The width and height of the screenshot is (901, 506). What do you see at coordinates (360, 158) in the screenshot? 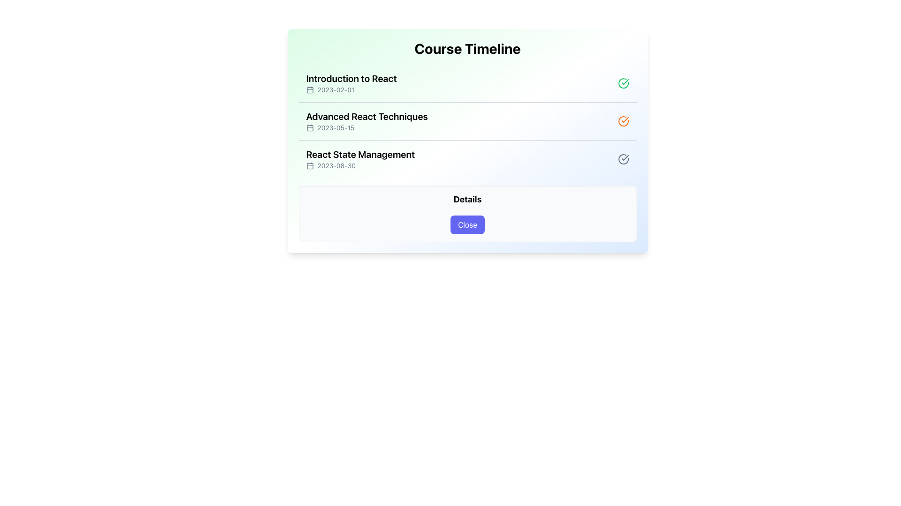
I see `the list item displaying 'React State Management' with the date '2023-08-30'` at bounding box center [360, 158].